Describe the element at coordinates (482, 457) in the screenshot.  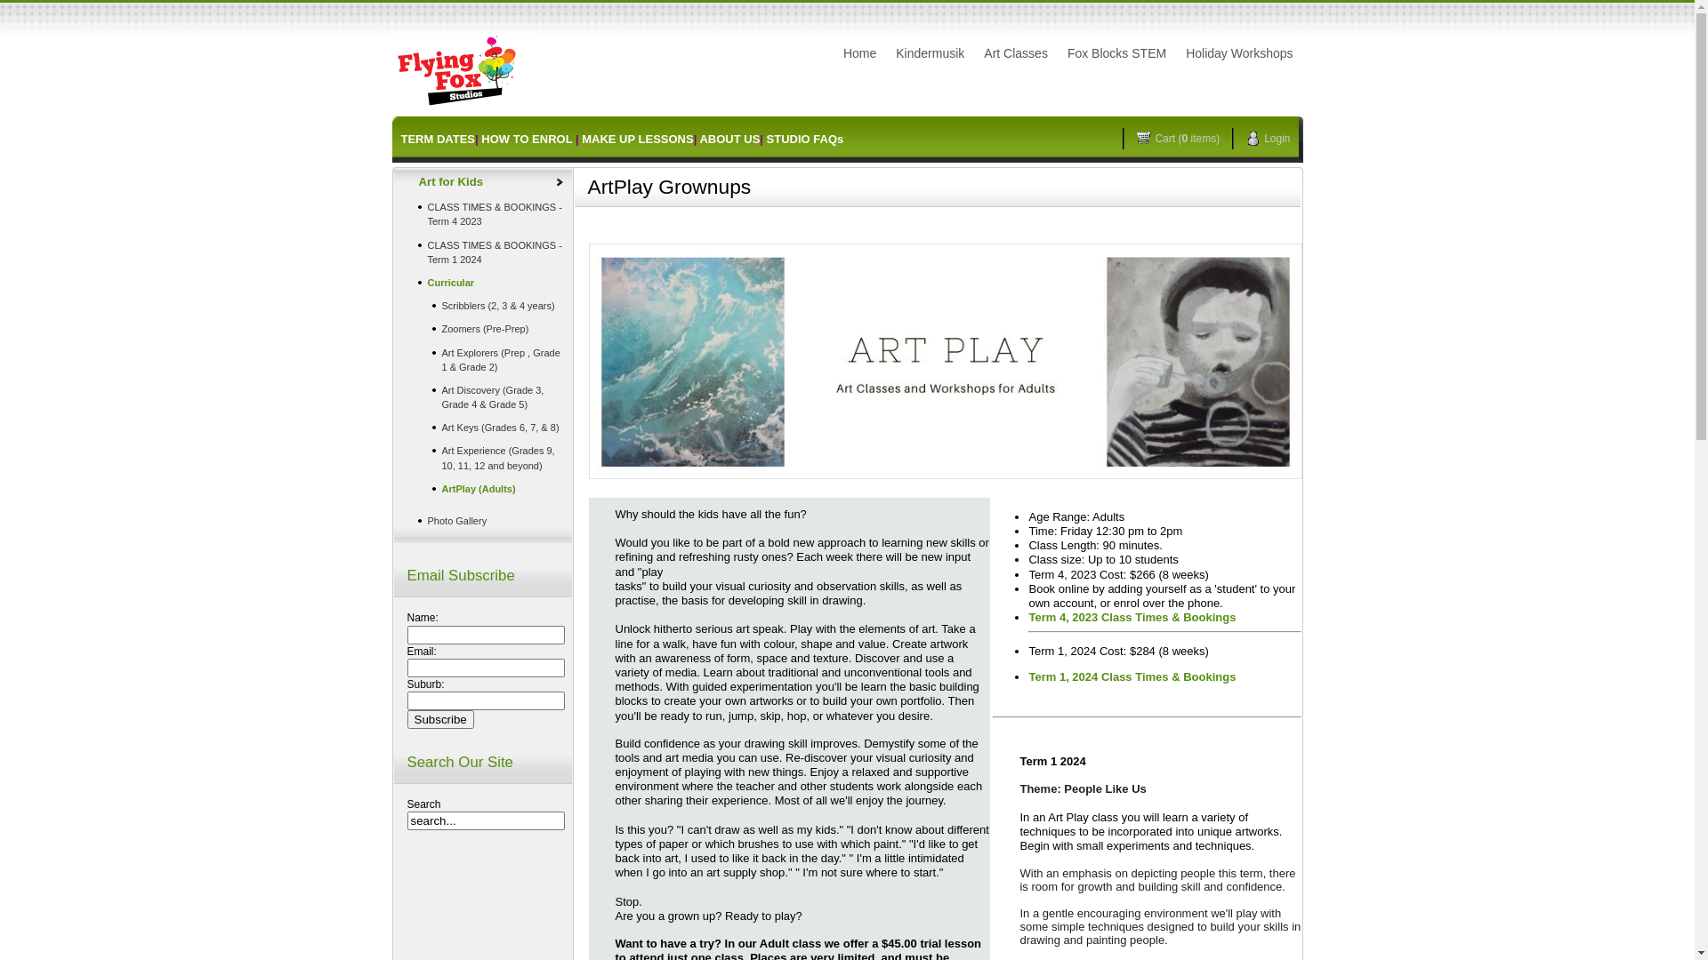
I see `'Art Experience (Grades 9, 10, 11, 12 and beyond)'` at that location.